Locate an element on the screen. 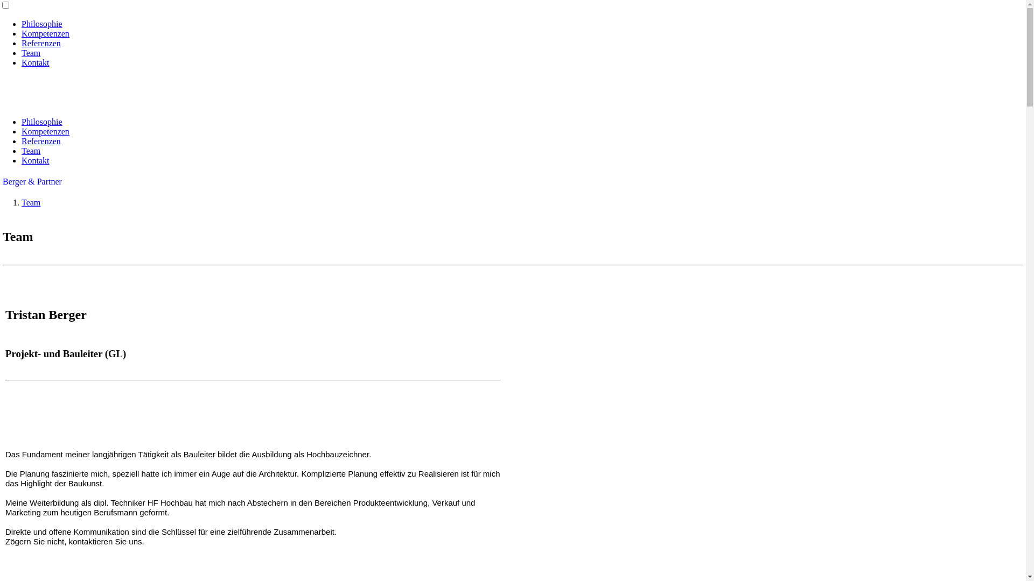  'Philosophie' is located at coordinates (41, 121).